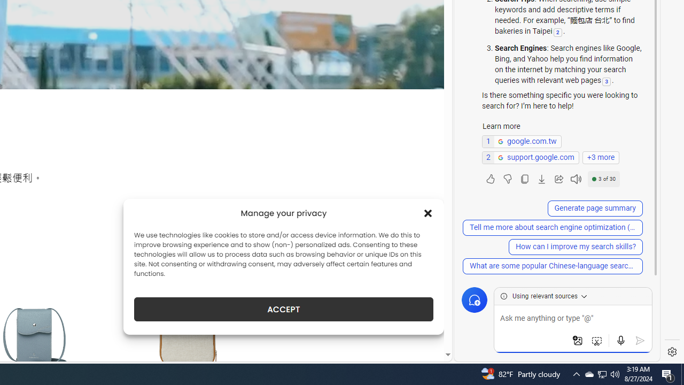 Image resolution: width=684 pixels, height=385 pixels. I want to click on 'Class: cmplz-close', so click(428, 213).